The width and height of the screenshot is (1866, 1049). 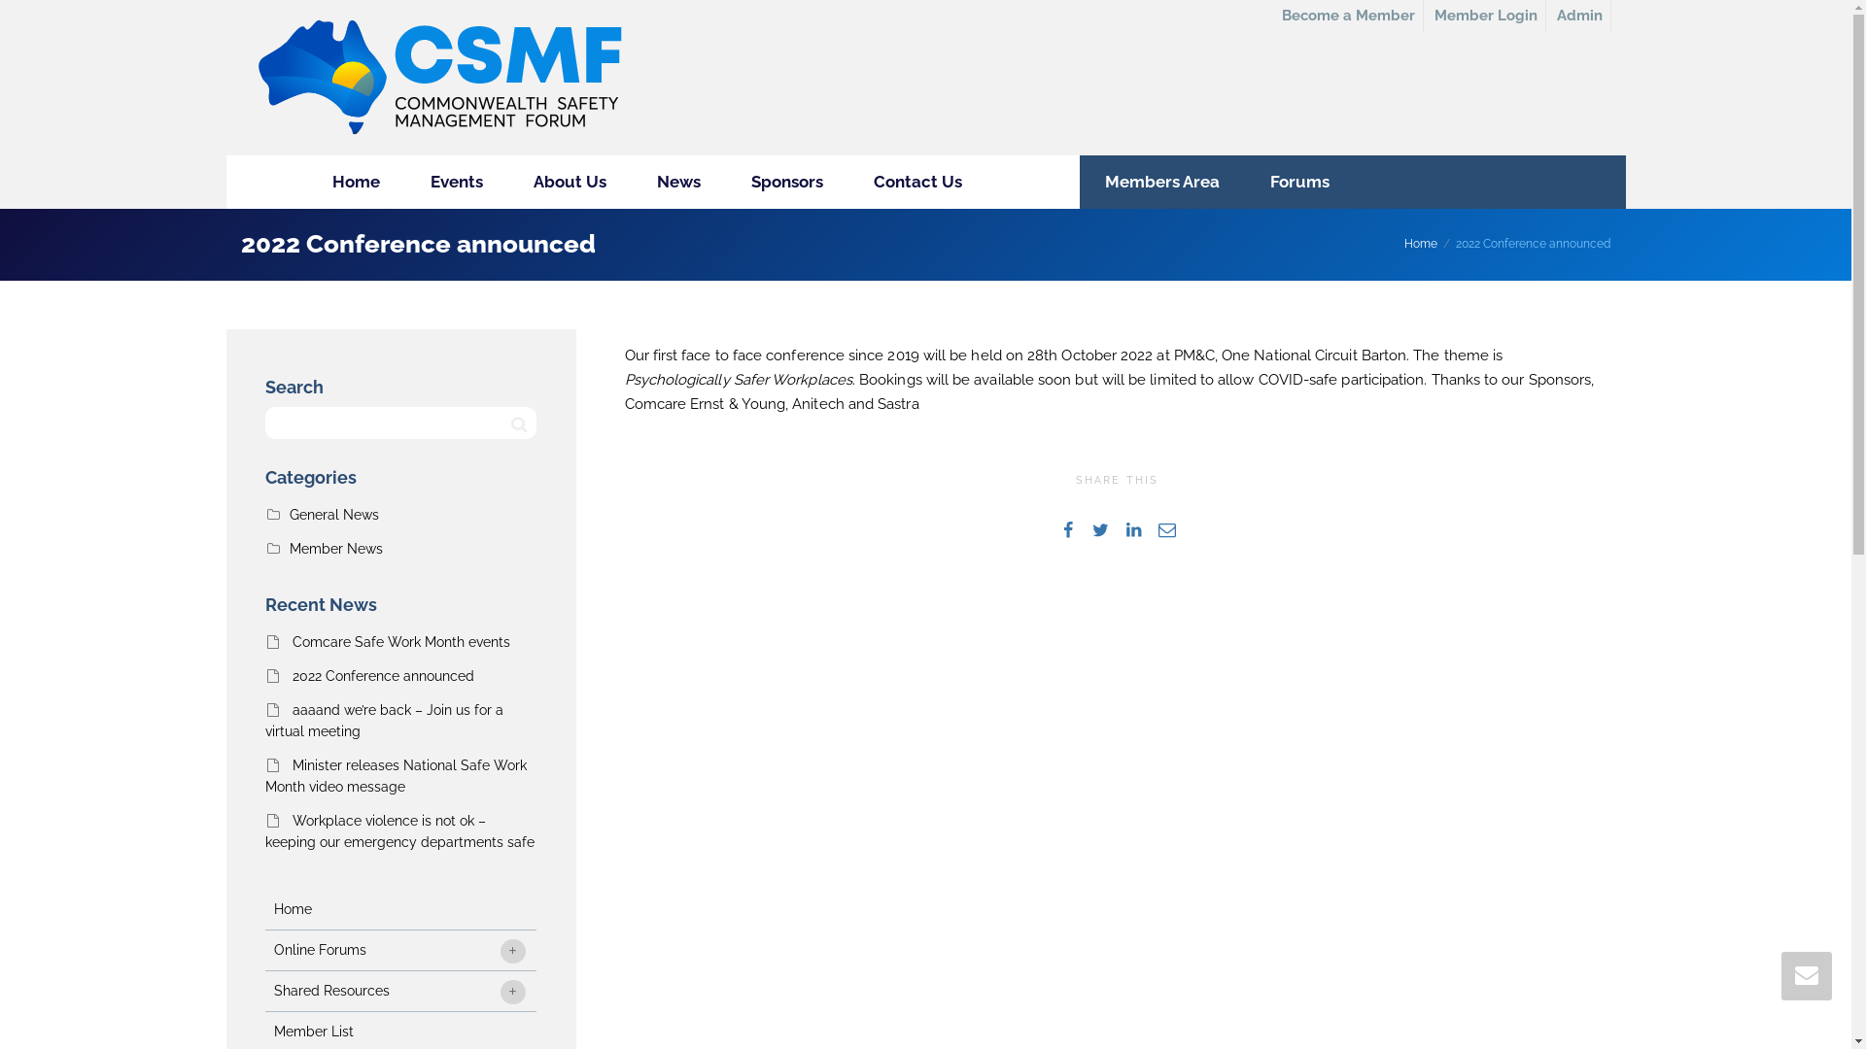 What do you see at coordinates (1580, 16) in the screenshot?
I see `'Admin'` at bounding box center [1580, 16].